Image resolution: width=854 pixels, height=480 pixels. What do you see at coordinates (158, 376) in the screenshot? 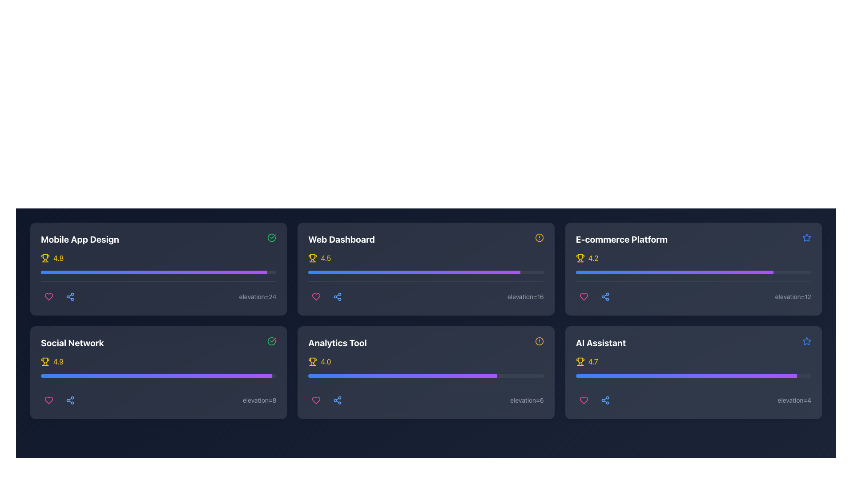
I see `the Progress bar that visually represents the percentage-based metric associated with the 'Social Network' card's performance, located second from the bottom in the vertical list of components` at bounding box center [158, 376].